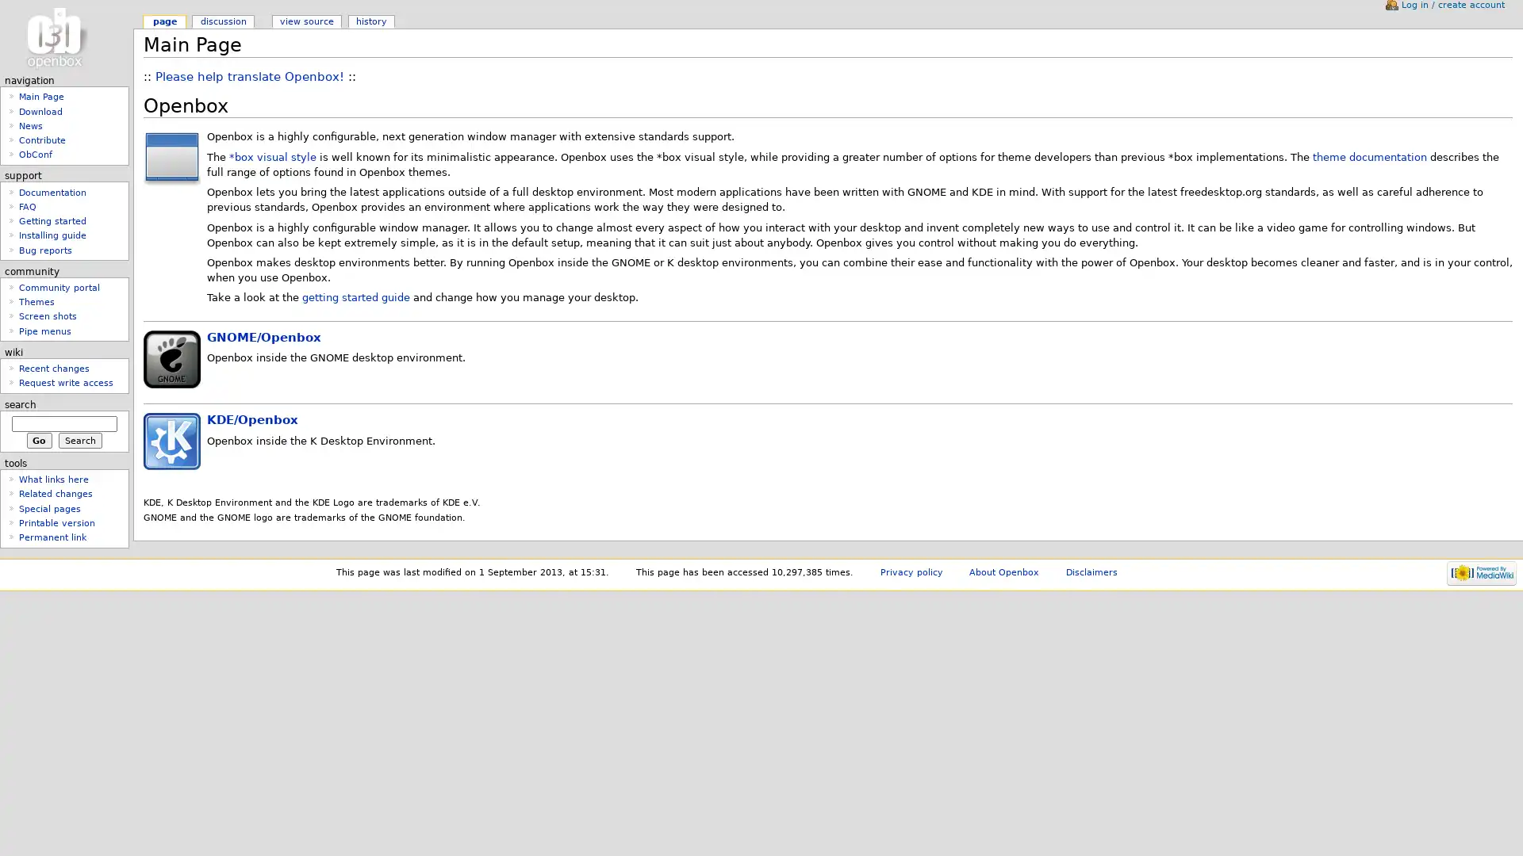 The image size is (1523, 856). Describe the element at coordinates (38, 440) in the screenshot. I see `Go` at that location.